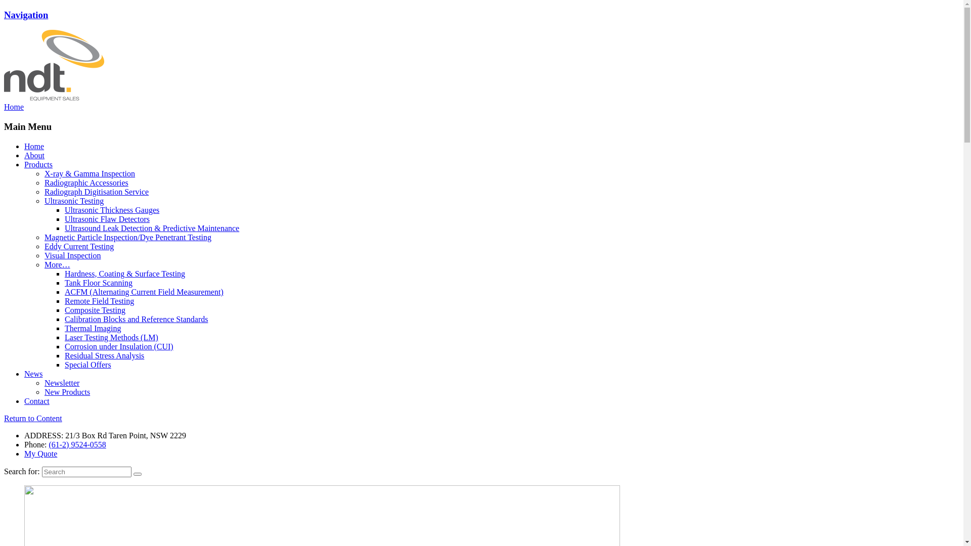 The height and width of the screenshot is (546, 971). Describe the element at coordinates (107, 218) in the screenshot. I see `'Ultrasonic Flaw Detectors'` at that location.